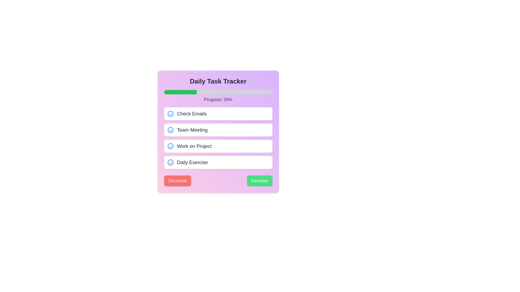 The height and width of the screenshot is (292, 520). What do you see at coordinates (192, 130) in the screenshot?
I see `the 'Team Meeting' text label, which is a medium-sized, bold font in dark gray, located in the second row of the task list on the task tracker interface` at bounding box center [192, 130].